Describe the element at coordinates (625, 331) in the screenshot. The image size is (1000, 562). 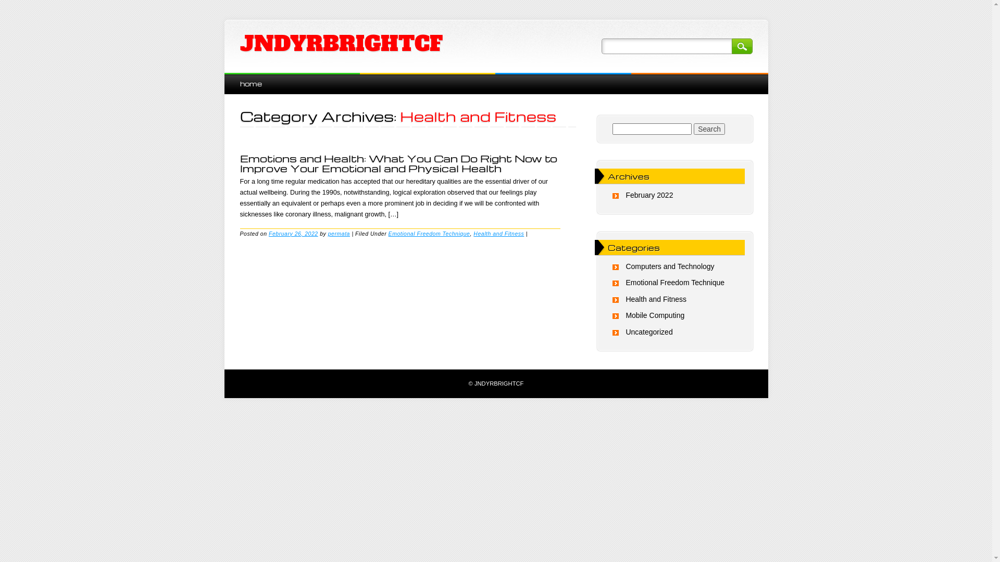
I see `'Uncategorized'` at that location.